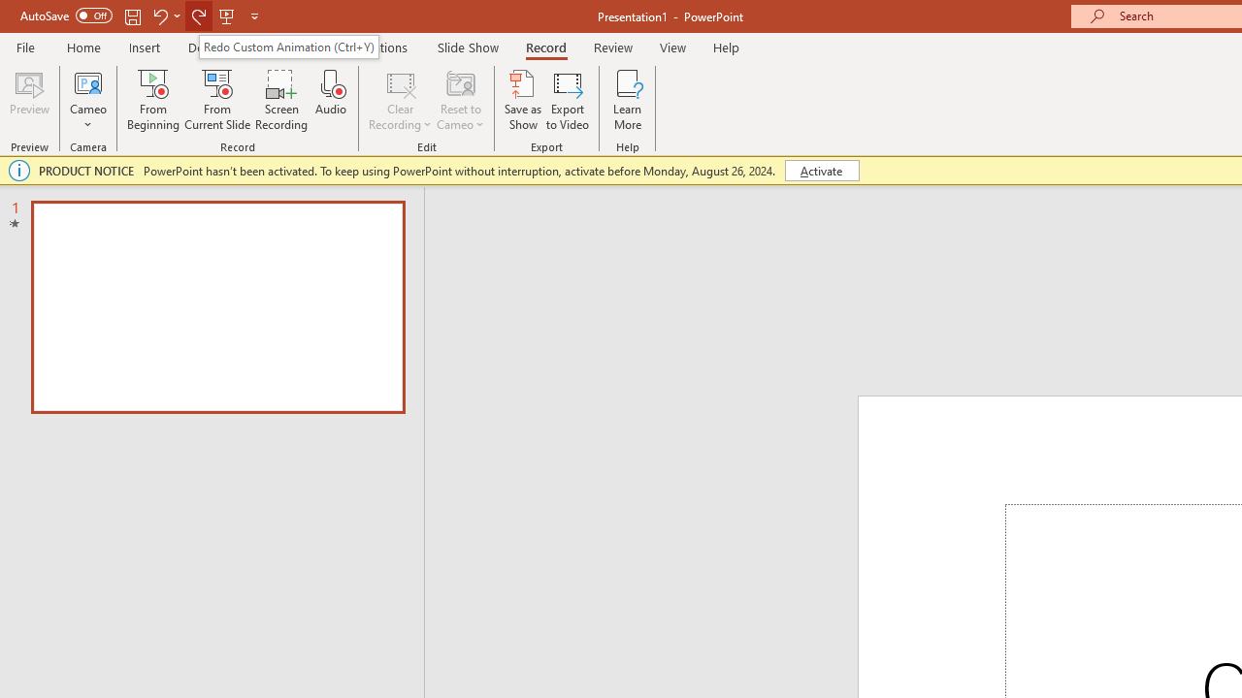  Describe the element at coordinates (628, 100) in the screenshot. I see `'Learn More'` at that location.